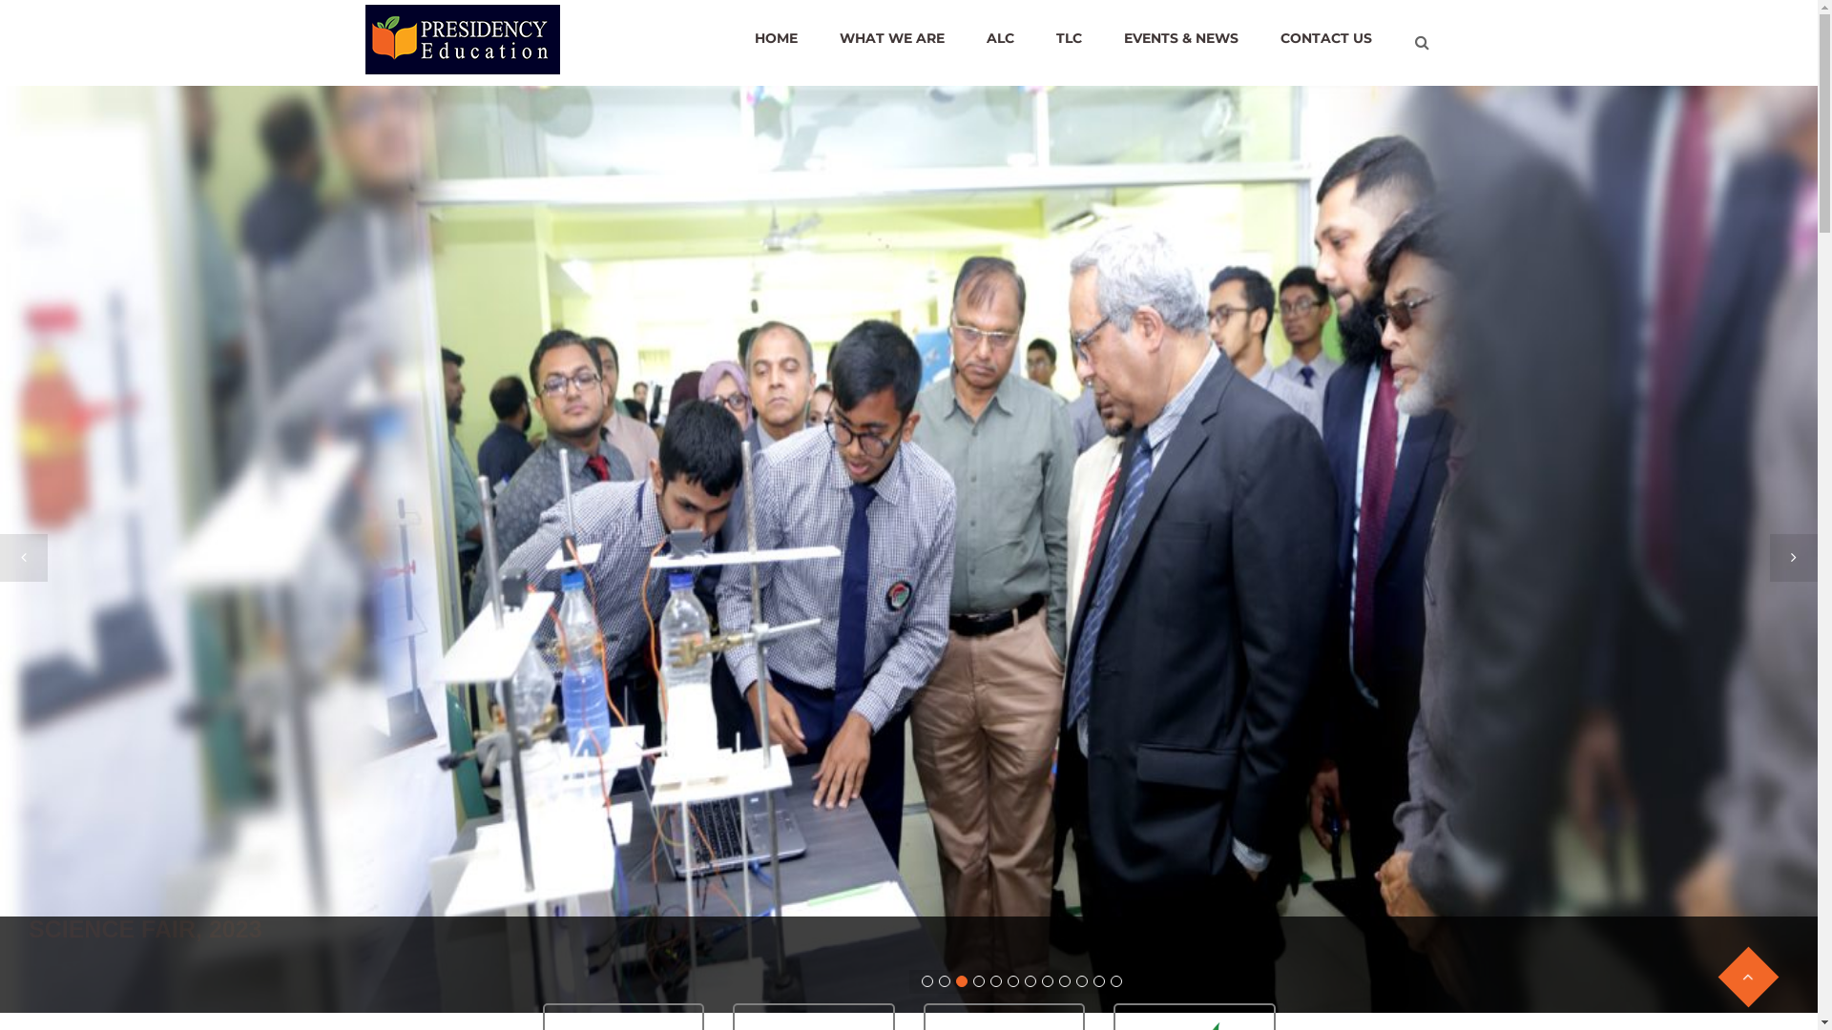 This screenshot has height=1030, width=1832. I want to click on 'WHAT WE ARE', so click(891, 37).